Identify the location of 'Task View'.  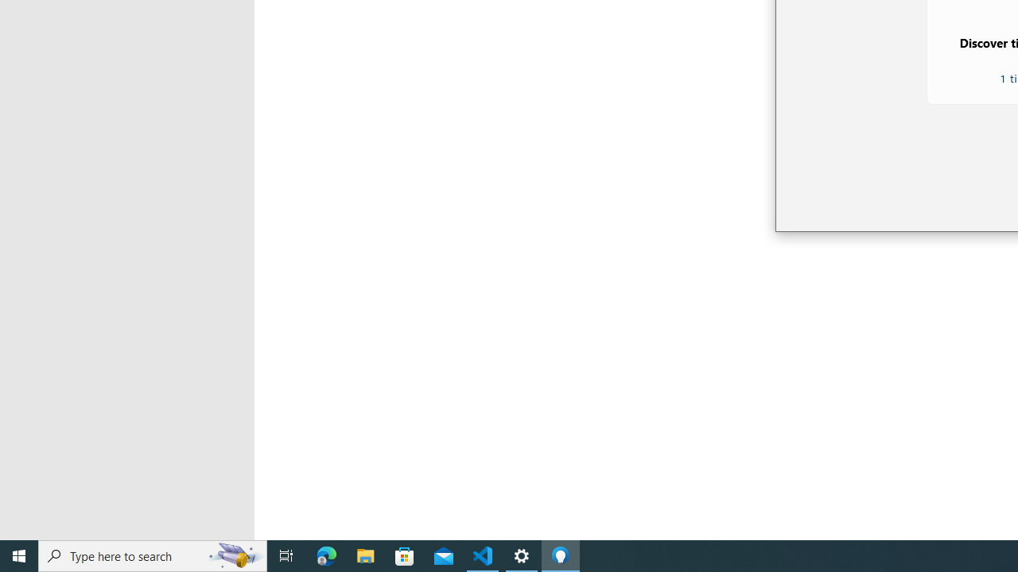
(286, 555).